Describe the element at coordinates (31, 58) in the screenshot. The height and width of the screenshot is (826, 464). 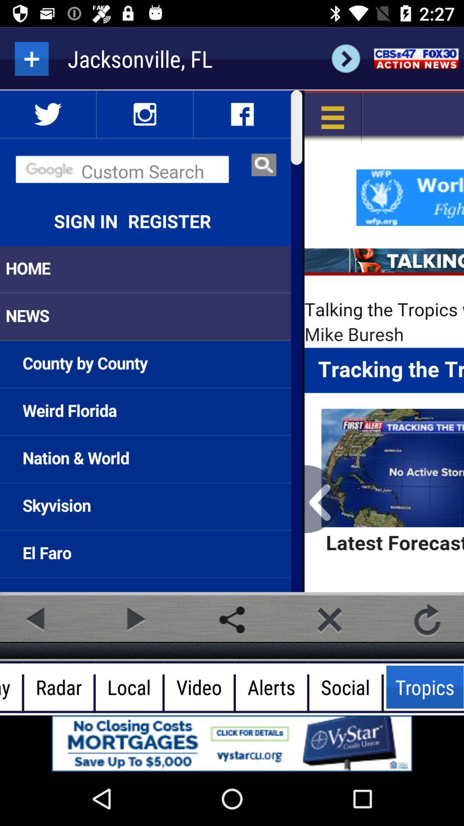
I see `the add icon` at that location.